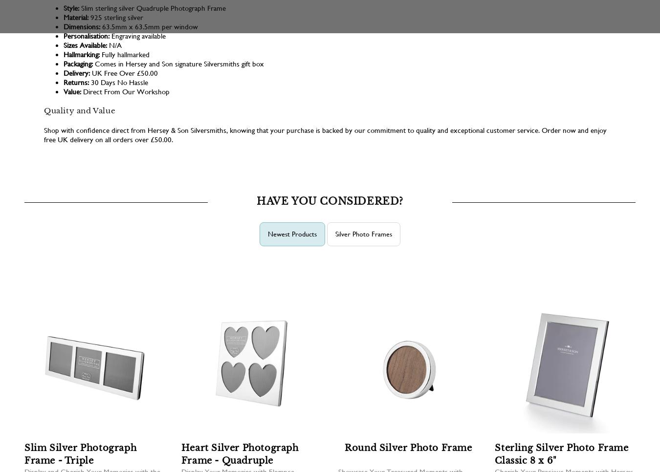 Image resolution: width=660 pixels, height=472 pixels. I want to click on 'Sizes Available:', so click(85, 44).